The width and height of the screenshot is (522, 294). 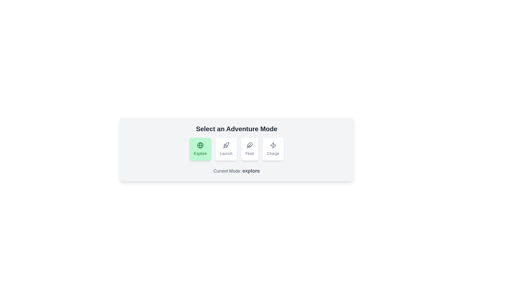 I want to click on the mode explore by clicking its respective button, so click(x=200, y=149).